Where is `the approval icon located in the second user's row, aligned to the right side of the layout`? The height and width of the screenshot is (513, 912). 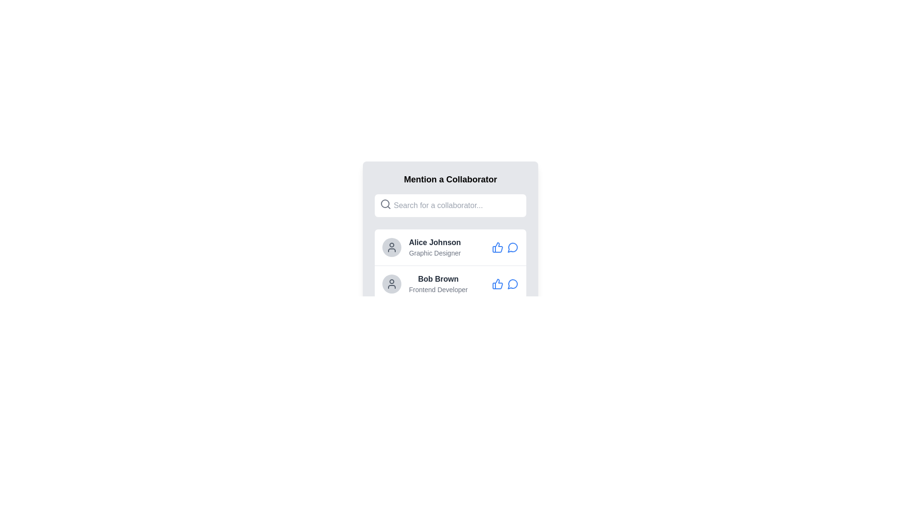 the approval icon located in the second user's row, aligned to the right side of the layout is located at coordinates (497, 283).